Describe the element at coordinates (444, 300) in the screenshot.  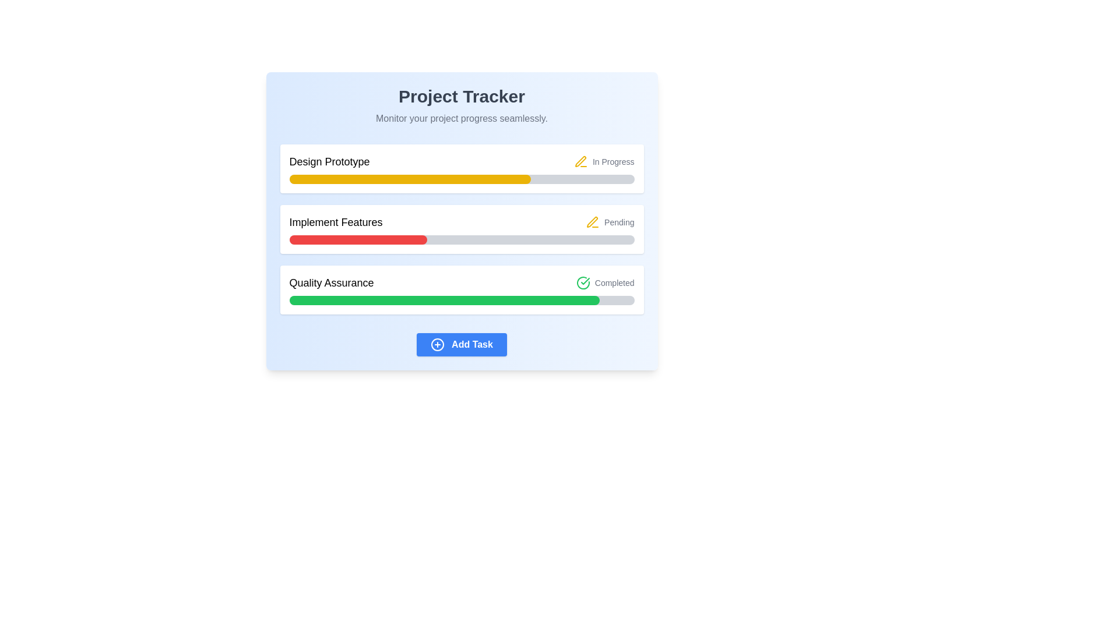
I see `the progress indicator inside the third progress bar labeled 'Quality Assurance', which visually indicates a 90% completion level` at that location.